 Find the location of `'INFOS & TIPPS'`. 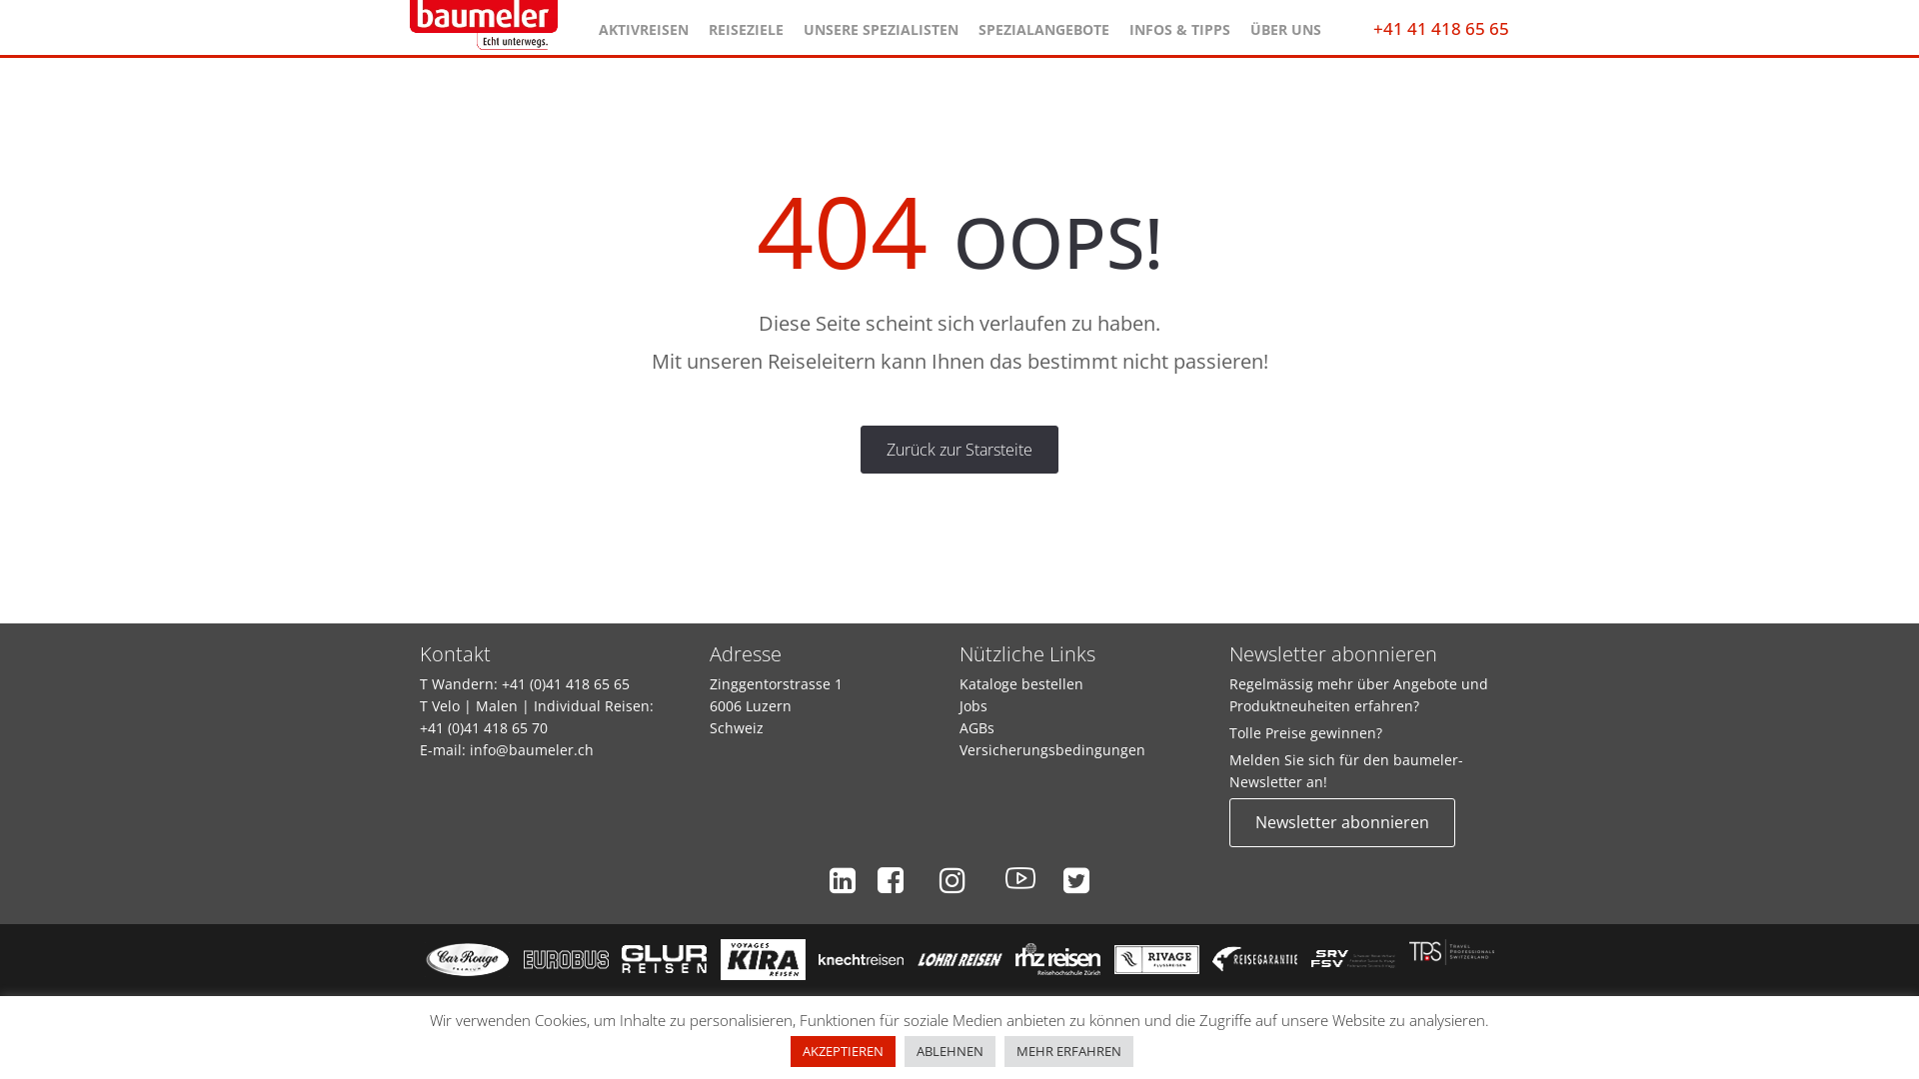

'INFOS & TIPPS' is located at coordinates (1179, 24).